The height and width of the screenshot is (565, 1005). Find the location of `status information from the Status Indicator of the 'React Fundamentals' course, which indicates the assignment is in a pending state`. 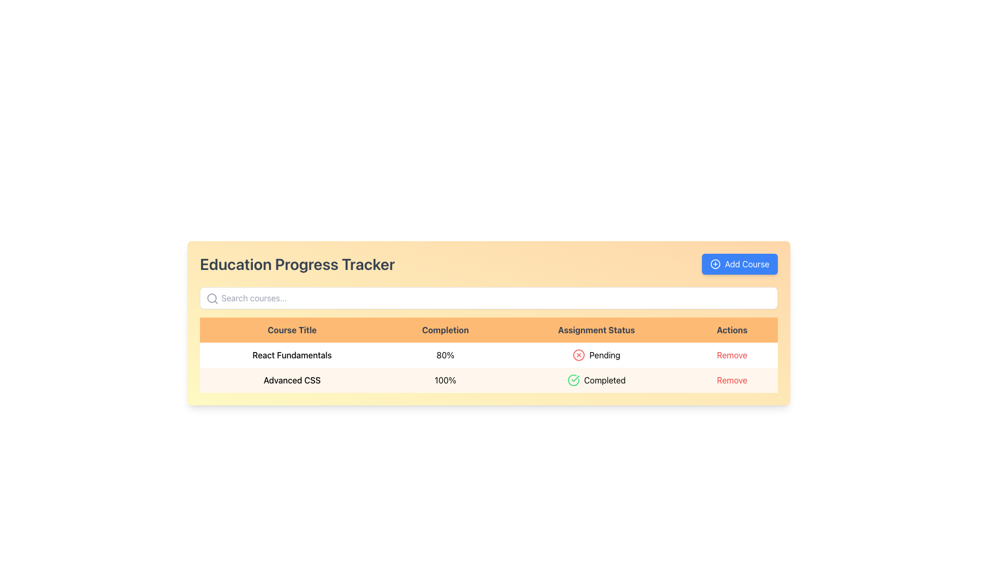

status information from the Status Indicator of the 'React Fundamentals' course, which indicates the assignment is in a pending state is located at coordinates (596, 354).